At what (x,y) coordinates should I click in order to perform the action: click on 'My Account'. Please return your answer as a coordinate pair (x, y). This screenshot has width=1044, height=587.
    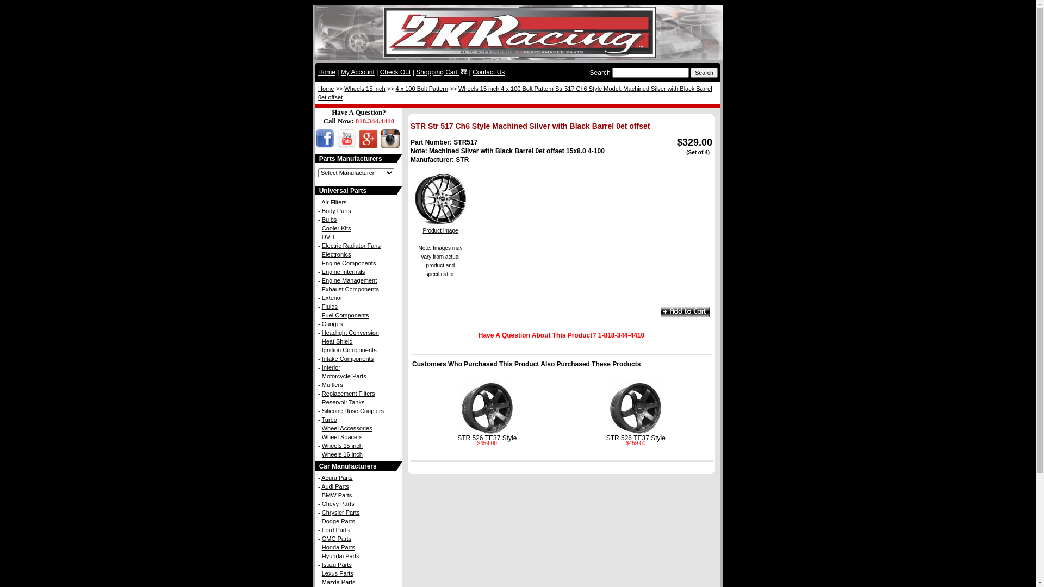
    Looking at the image, I should click on (357, 72).